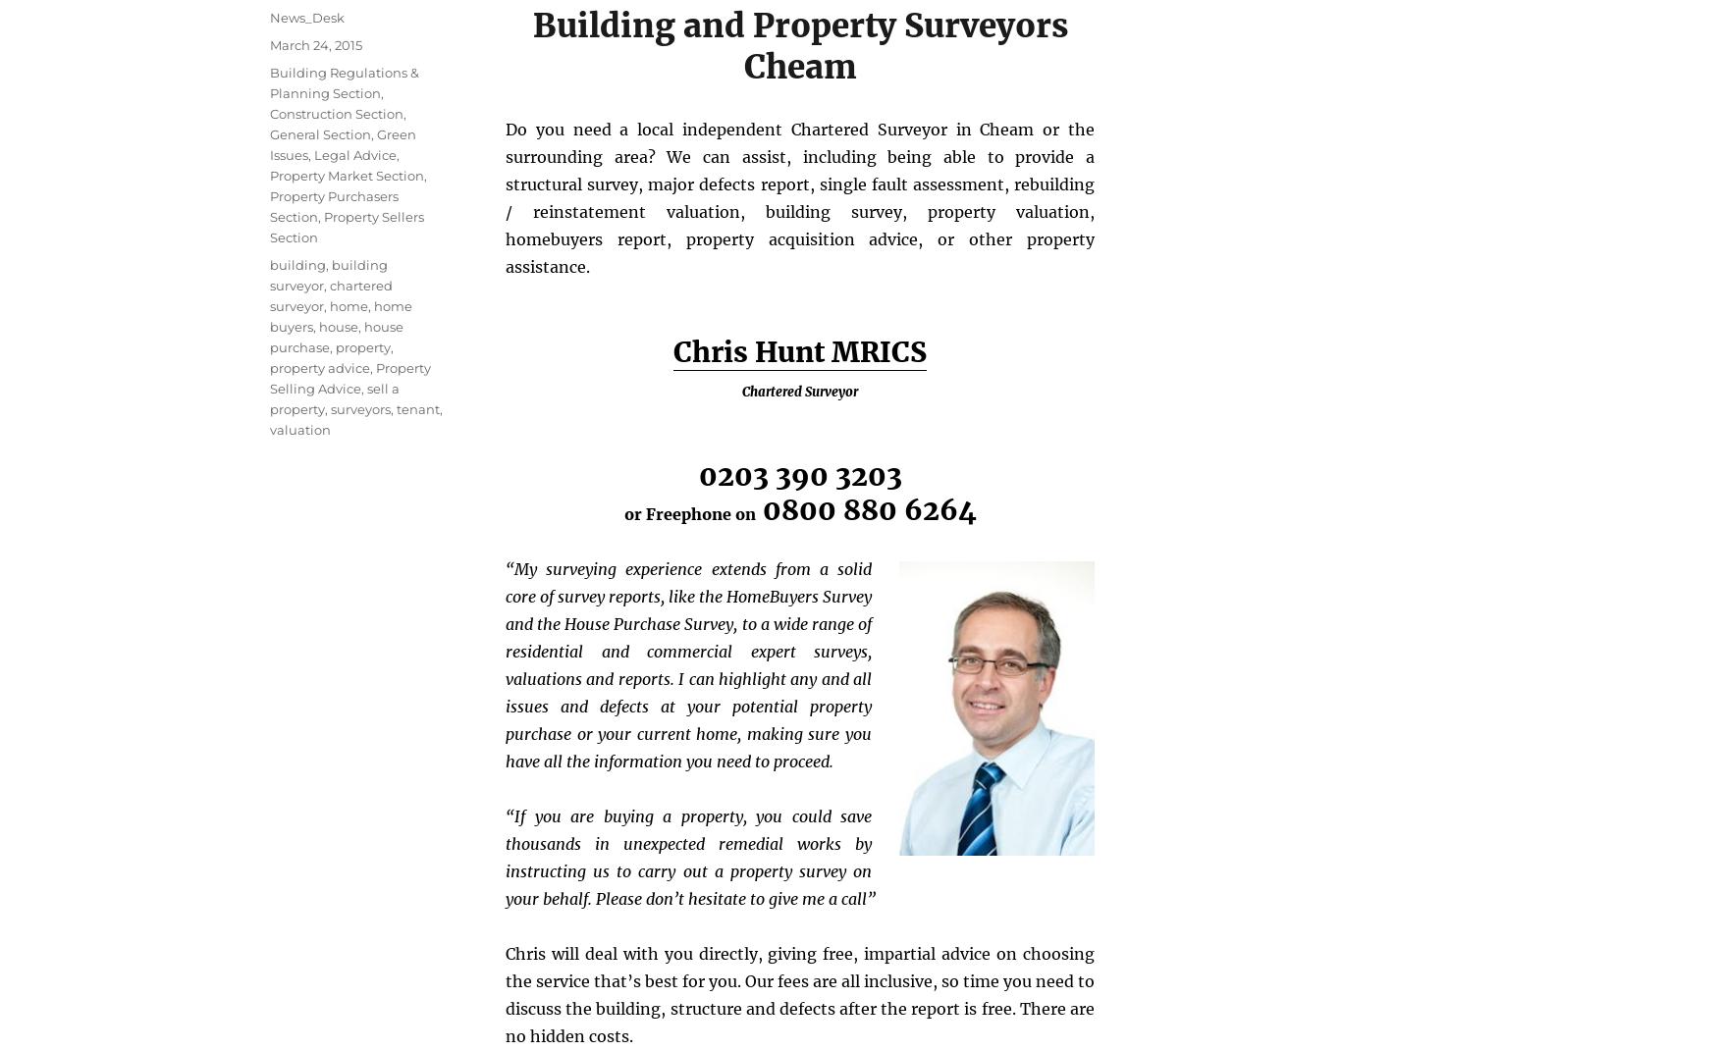 The height and width of the screenshot is (1051, 1718). Describe the element at coordinates (799, 350) in the screenshot. I see `'Chris Hunt MRICS'` at that location.